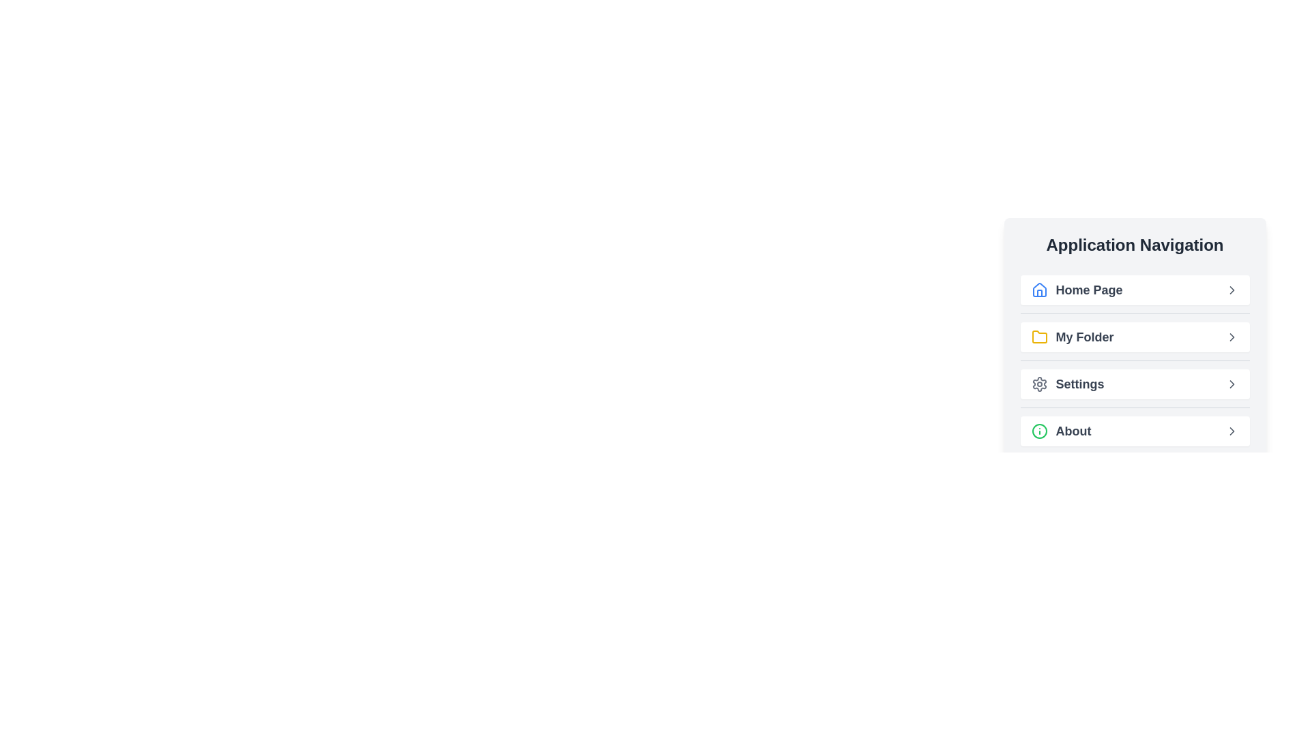 The image size is (1310, 736). Describe the element at coordinates (1038, 431) in the screenshot. I see `the circle element representing the 'About' navigation item in the SVG icon, which is the fourth option in the vertical navigation list` at that location.